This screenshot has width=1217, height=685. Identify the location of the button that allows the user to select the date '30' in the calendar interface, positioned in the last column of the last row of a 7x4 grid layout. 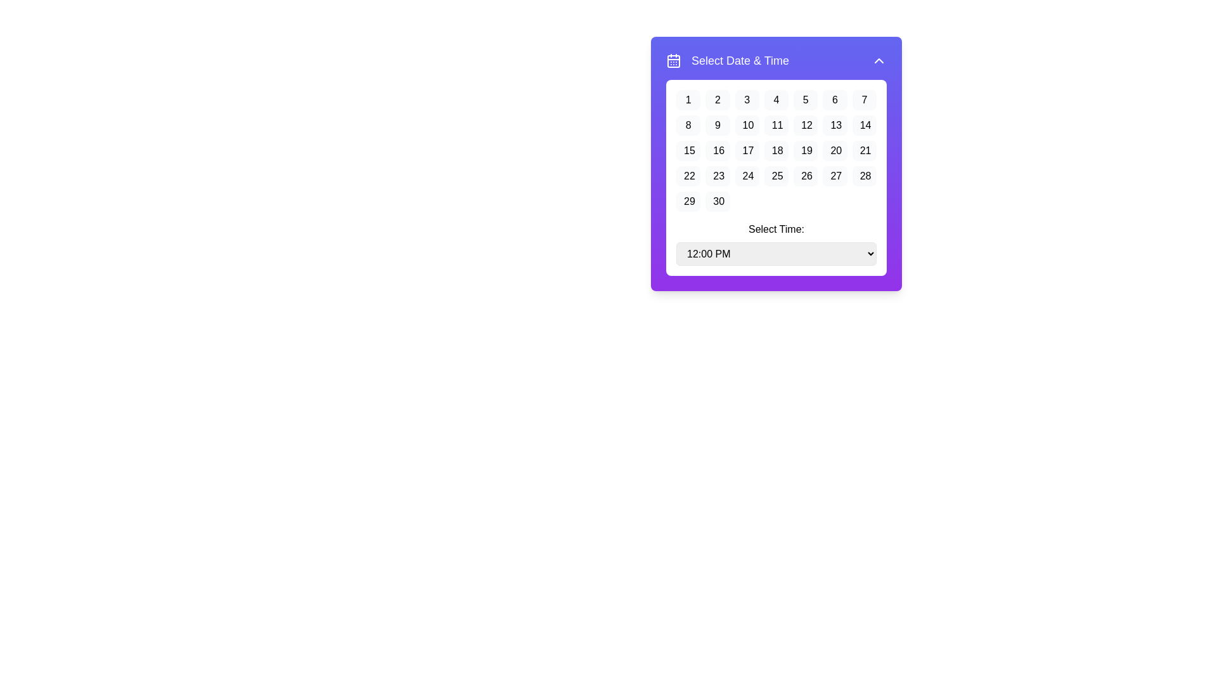
(718, 200).